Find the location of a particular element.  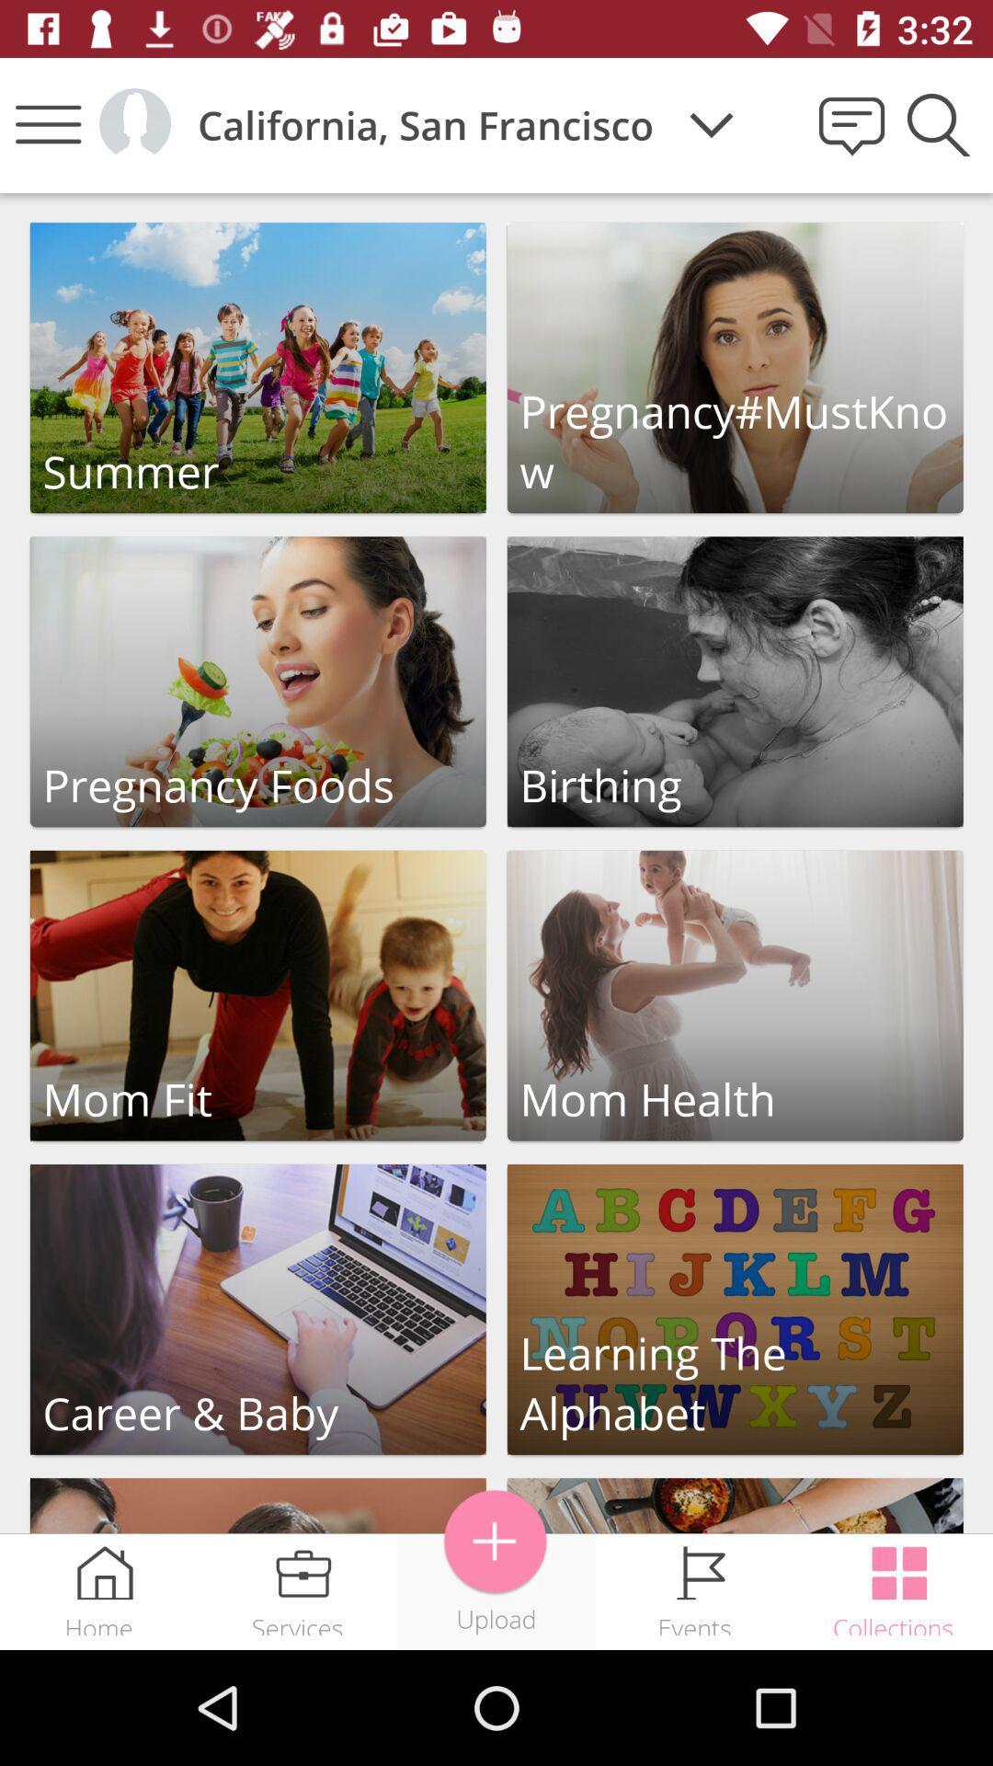

launch picture is located at coordinates (734, 1506).